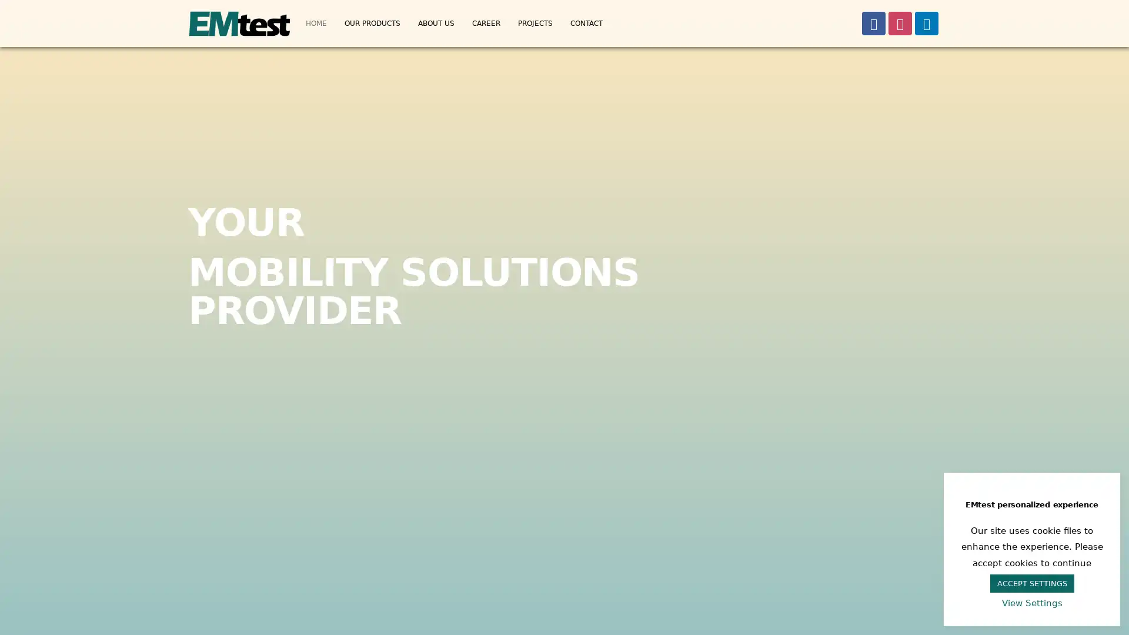 The width and height of the screenshot is (1129, 635). I want to click on ACCEPT SETTINGS, so click(1031, 583).